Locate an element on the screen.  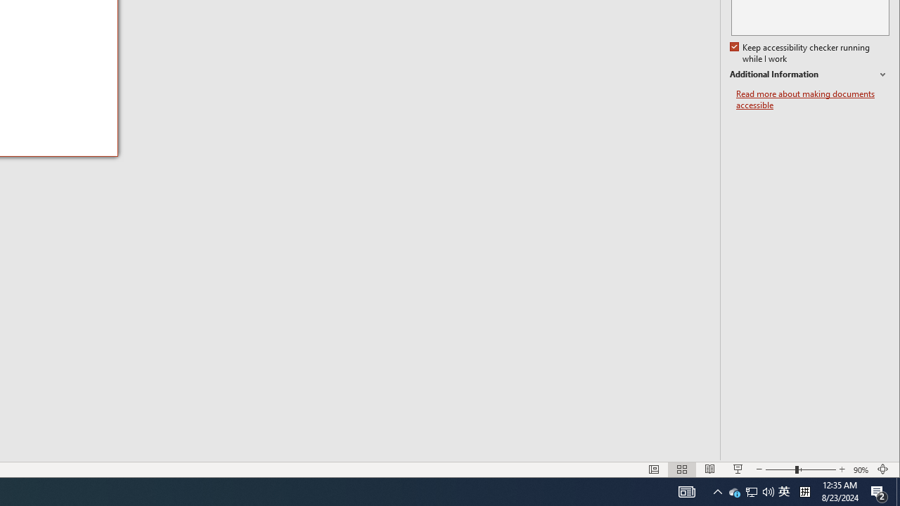
'AutomationID: 4105' is located at coordinates (717, 491).